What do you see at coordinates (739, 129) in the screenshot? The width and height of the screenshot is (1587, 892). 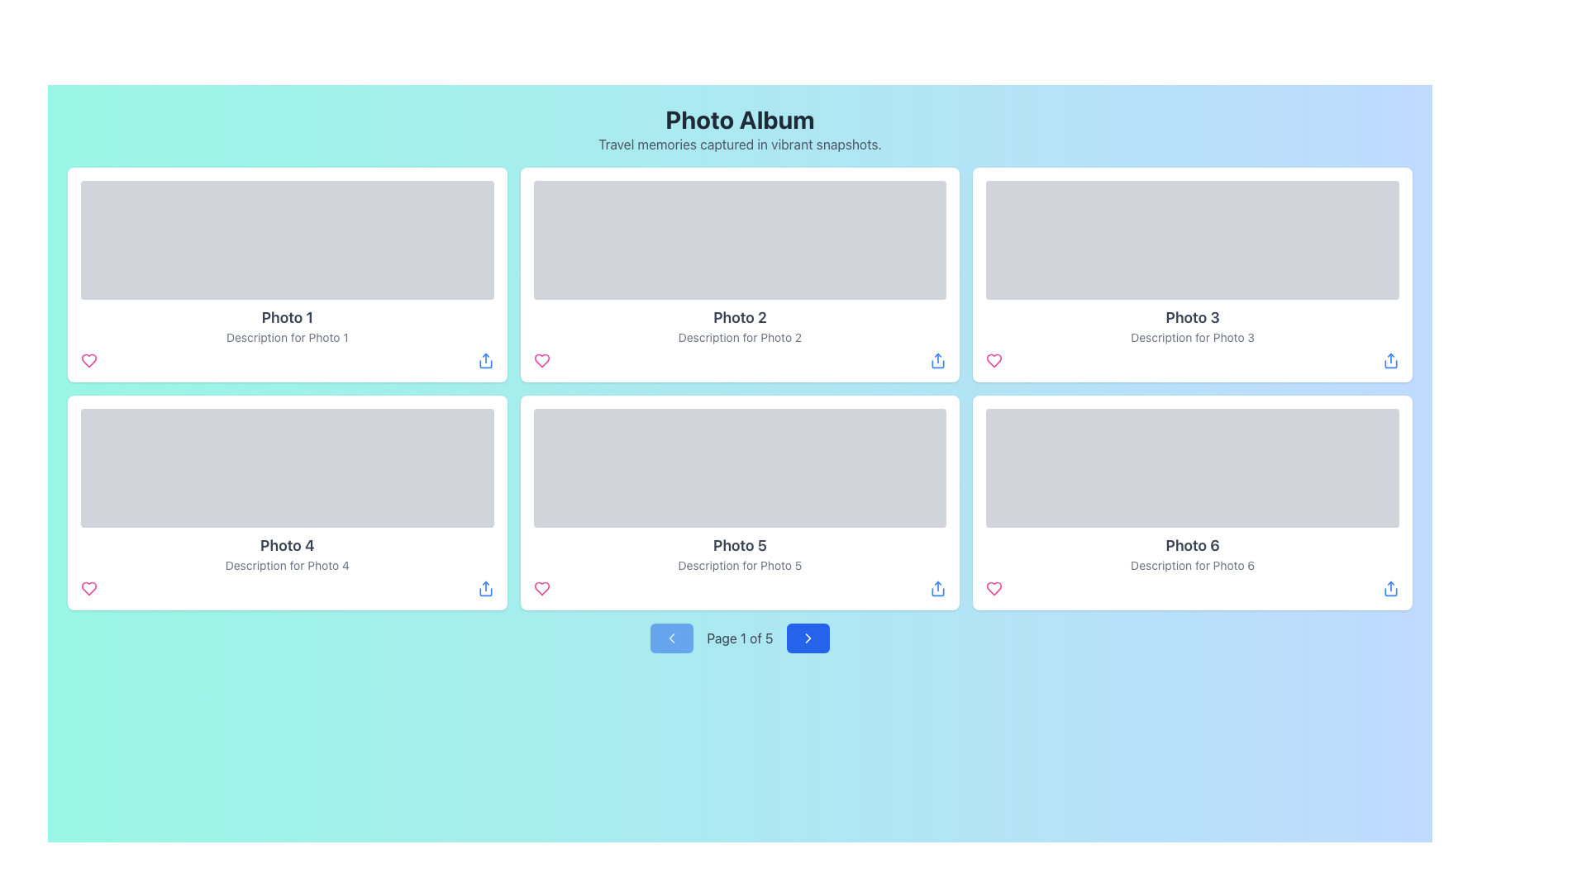 I see `the Text Block titled 'Photo Album' which contains the description 'Travel memories captured in vibrant snapshots.' positioned at the top center of the layout` at bounding box center [739, 129].